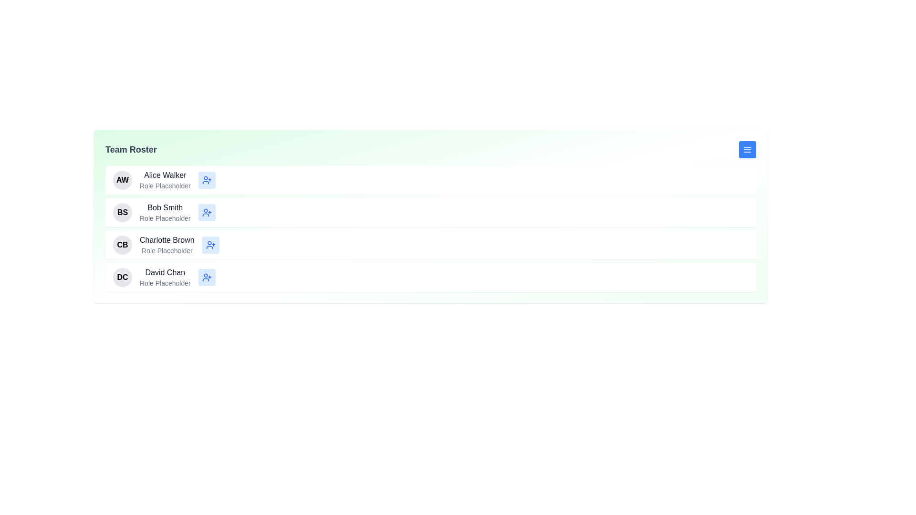  Describe the element at coordinates (165, 180) in the screenshot. I see `the Text block displaying a name and role description, located in the first row of a list, adjacent to the circular avatar labeled 'AW' on the left and a button with a person and plus icon on the right` at that location.